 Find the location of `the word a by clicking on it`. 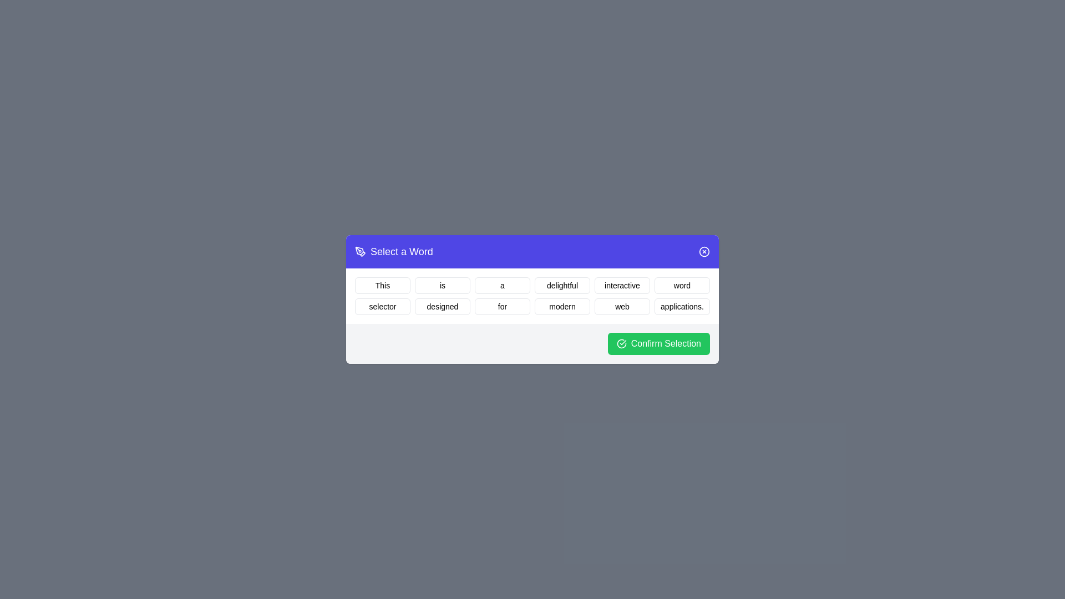

the word a by clicking on it is located at coordinates (502, 285).